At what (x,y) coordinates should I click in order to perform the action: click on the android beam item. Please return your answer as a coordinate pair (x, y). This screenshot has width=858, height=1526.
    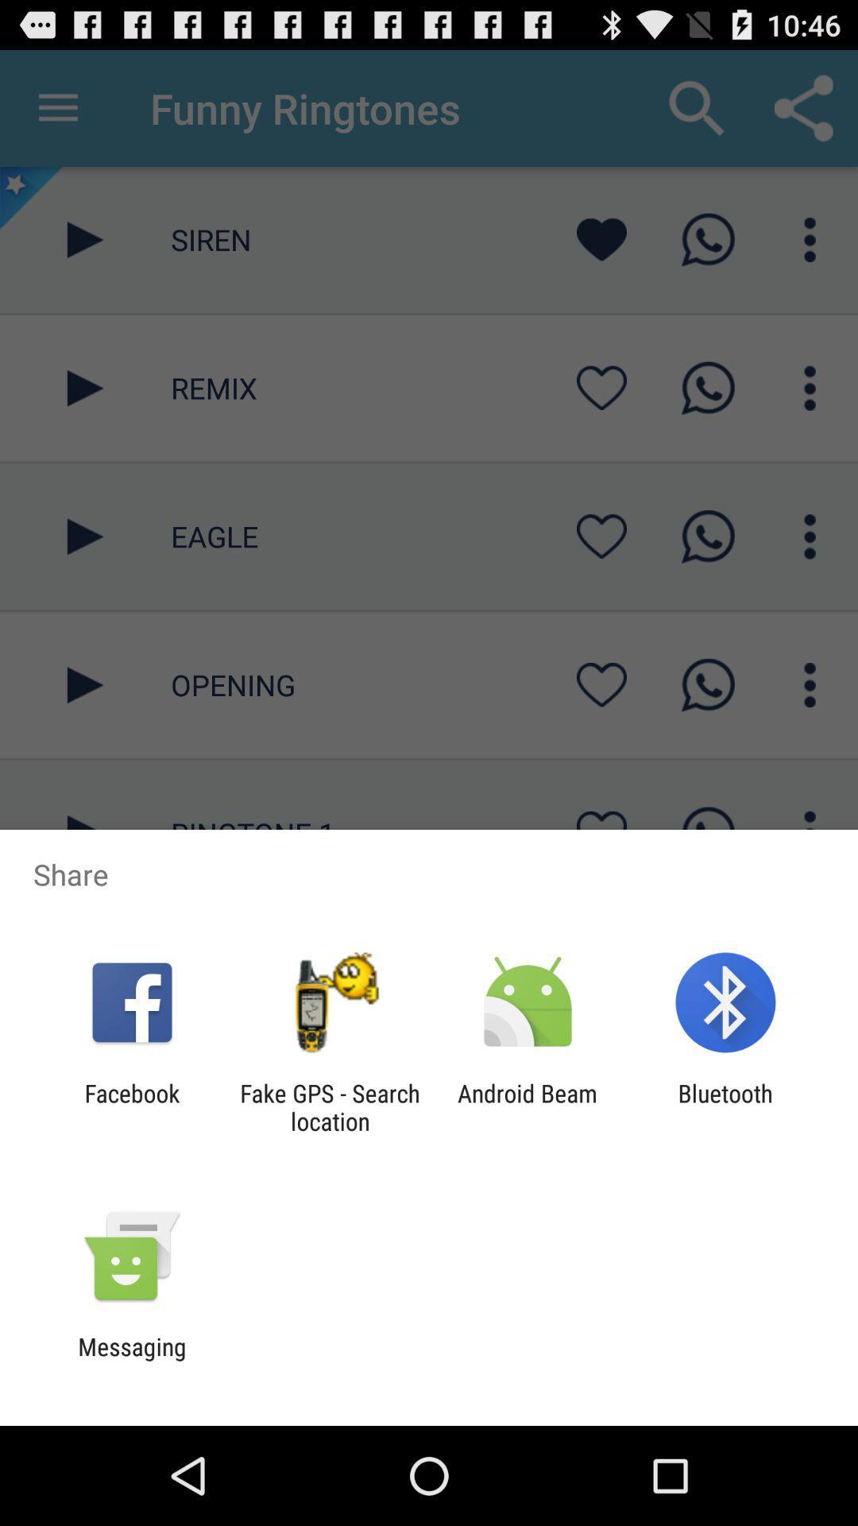
    Looking at the image, I should click on (528, 1106).